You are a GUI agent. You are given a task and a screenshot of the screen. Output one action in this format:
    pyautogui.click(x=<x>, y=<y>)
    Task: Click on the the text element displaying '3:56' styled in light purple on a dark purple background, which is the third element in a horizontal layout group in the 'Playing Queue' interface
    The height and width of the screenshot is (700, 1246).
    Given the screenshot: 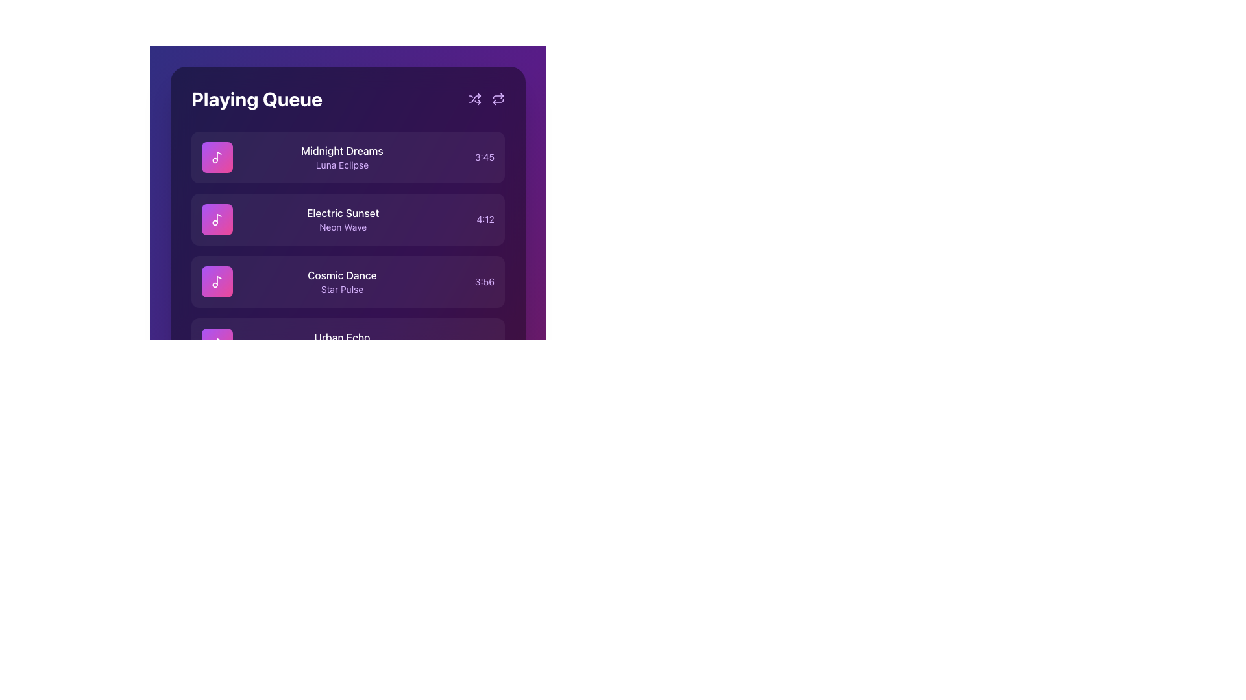 What is the action you would take?
    pyautogui.click(x=483, y=281)
    